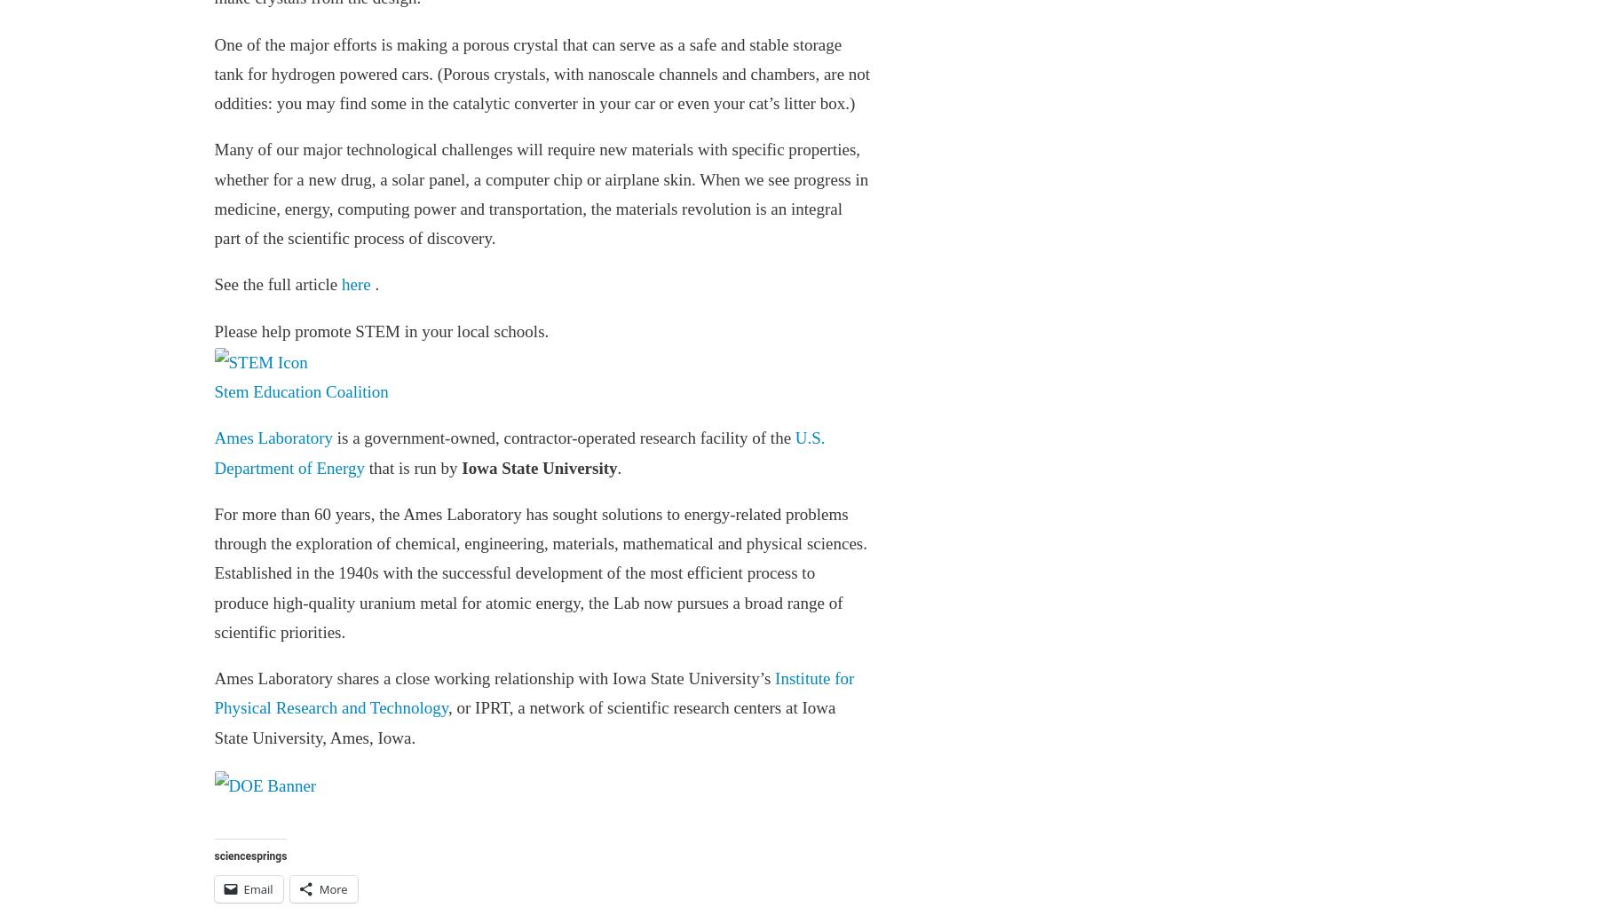  Describe the element at coordinates (534, 692) in the screenshot. I see `'Institute for Physical Research and Technology'` at that location.